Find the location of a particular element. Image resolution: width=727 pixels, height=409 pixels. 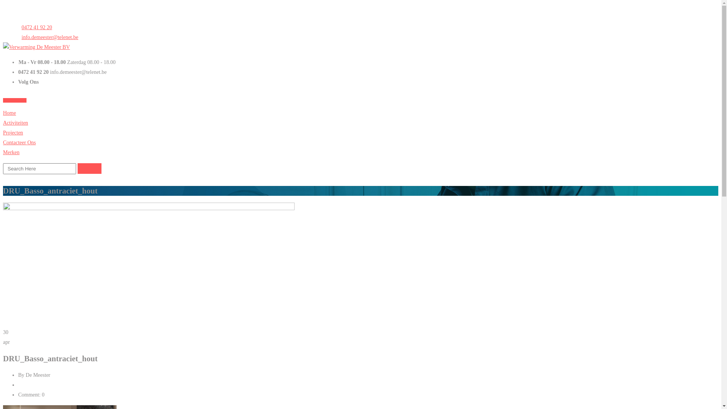

'info.demeester@telenet.be' is located at coordinates (48, 37).